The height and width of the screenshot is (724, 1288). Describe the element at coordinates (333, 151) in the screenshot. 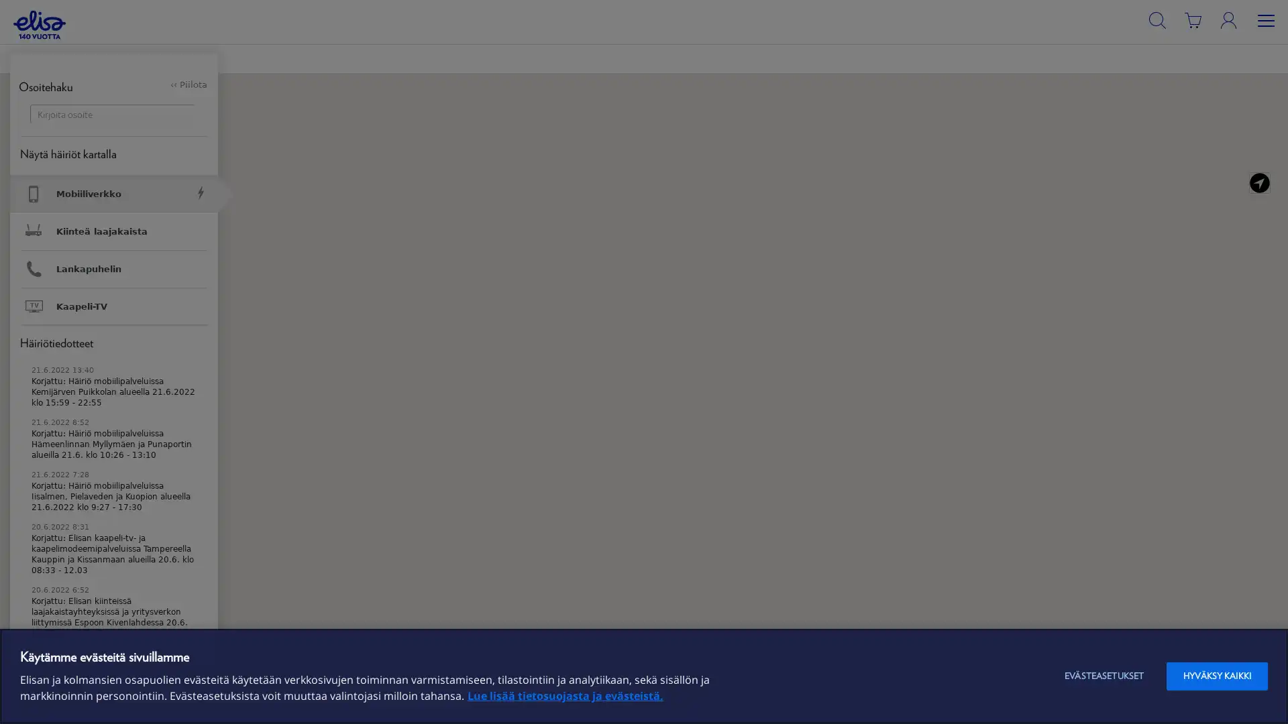

I see `Jatka ostoksia` at that location.